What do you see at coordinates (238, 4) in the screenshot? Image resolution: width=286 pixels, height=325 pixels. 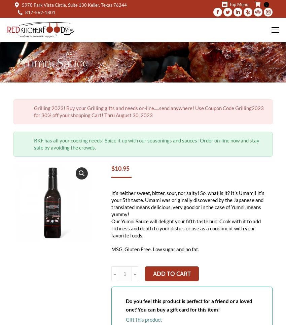 I see `'Top Menu'` at bounding box center [238, 4].